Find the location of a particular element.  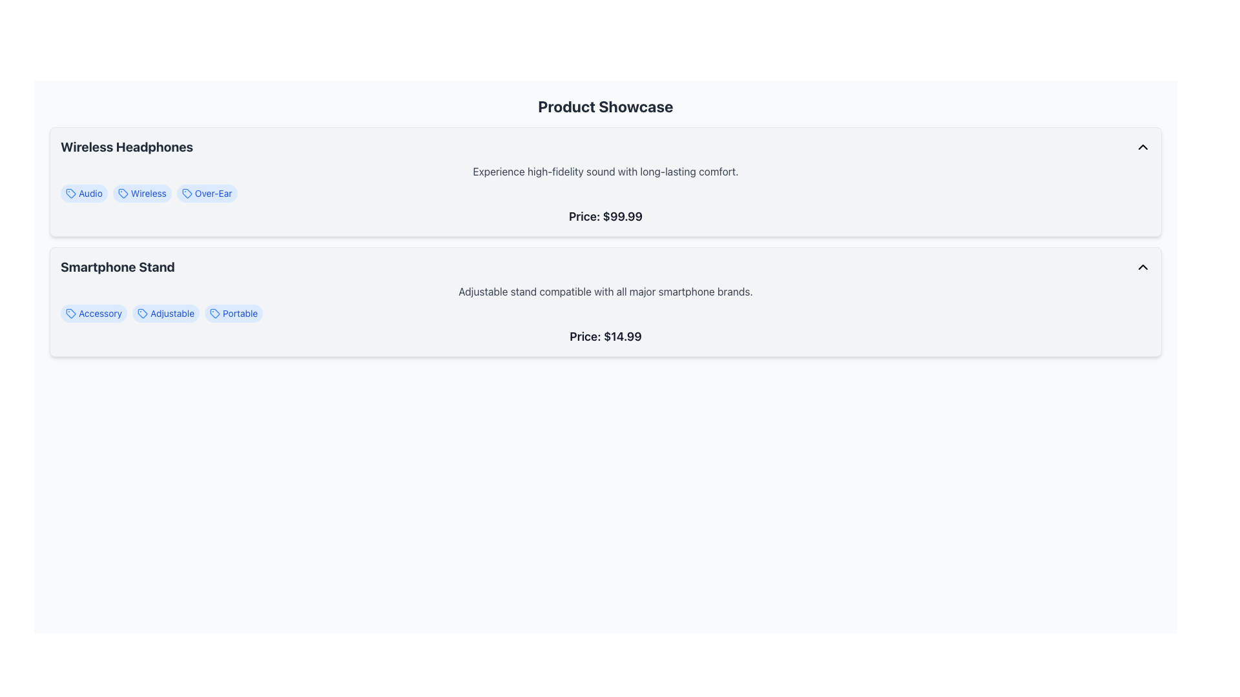

the second badge labeled 'Wireless' with a light blue background and a tag icon to interact with it is located at coordinates (142, 194).